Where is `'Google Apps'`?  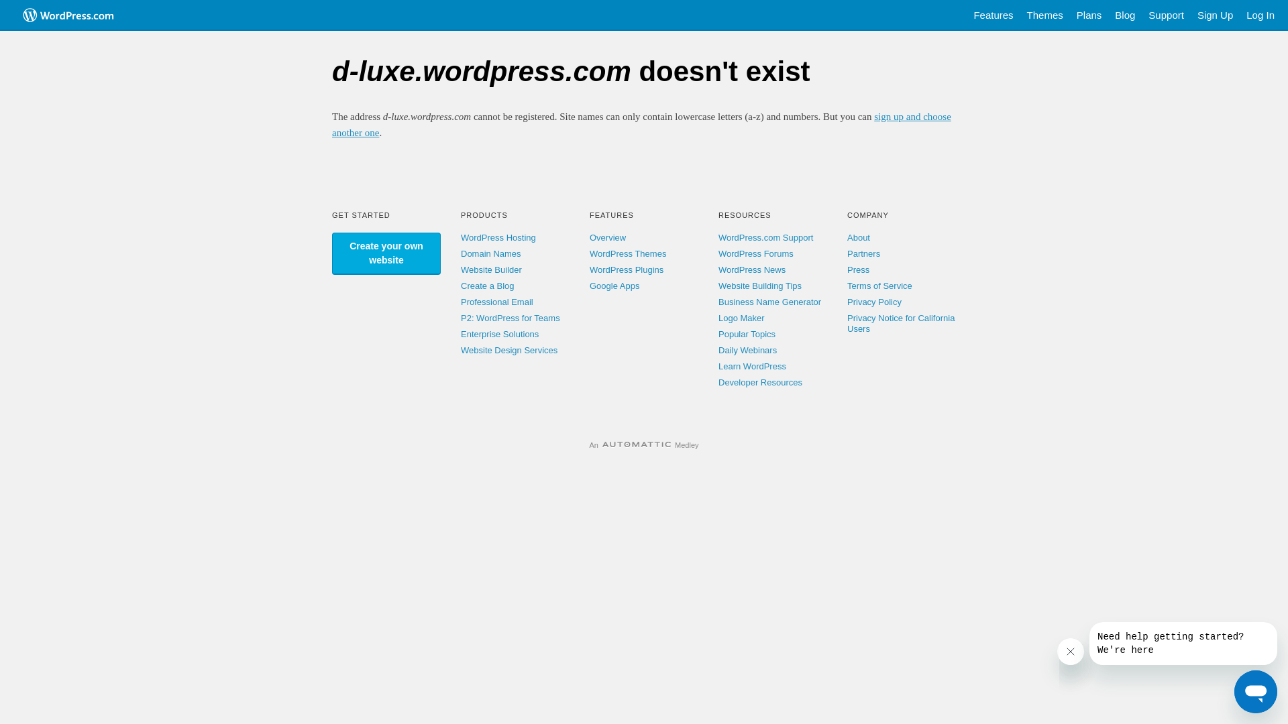 'Google Apps' is located at coordinates (589, 285).